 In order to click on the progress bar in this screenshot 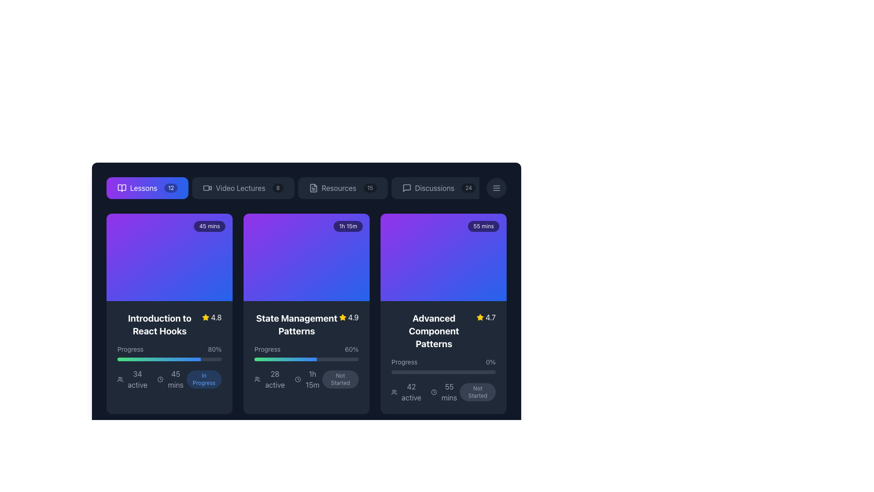, I will do `click(200, 359)`.